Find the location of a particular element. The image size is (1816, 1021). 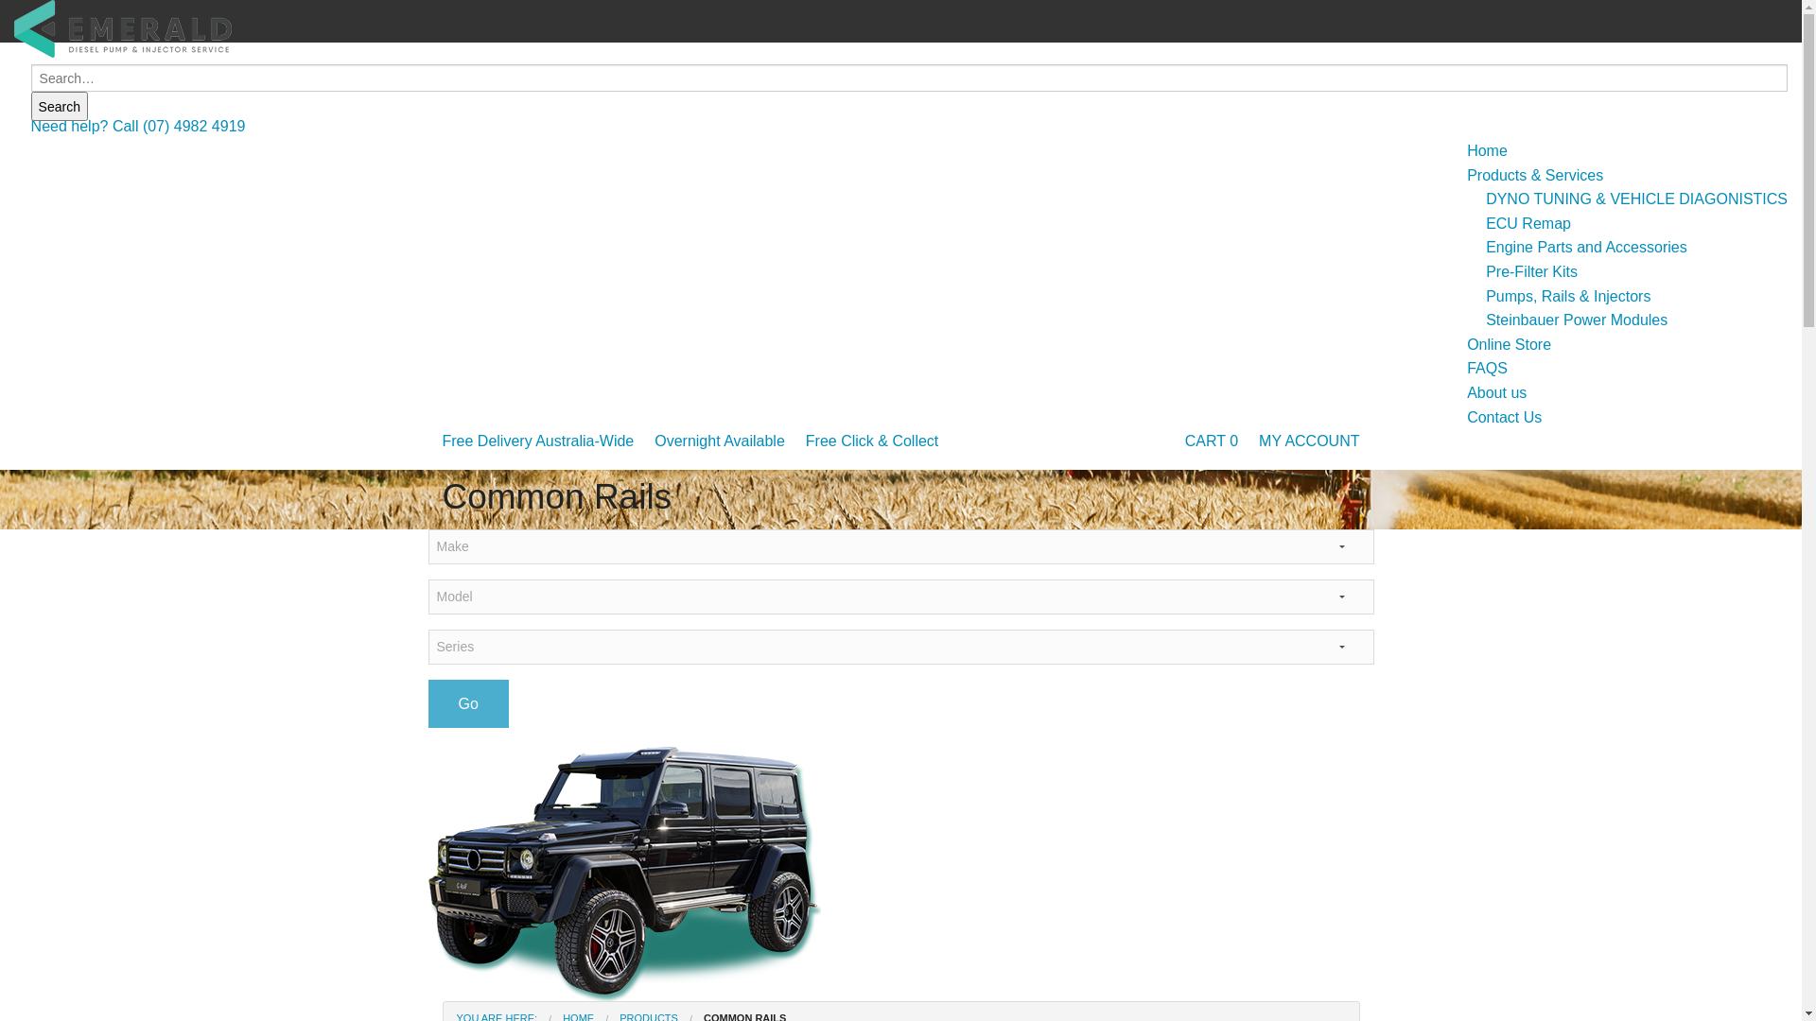

'Home' is located at coordinates (1486, 149).